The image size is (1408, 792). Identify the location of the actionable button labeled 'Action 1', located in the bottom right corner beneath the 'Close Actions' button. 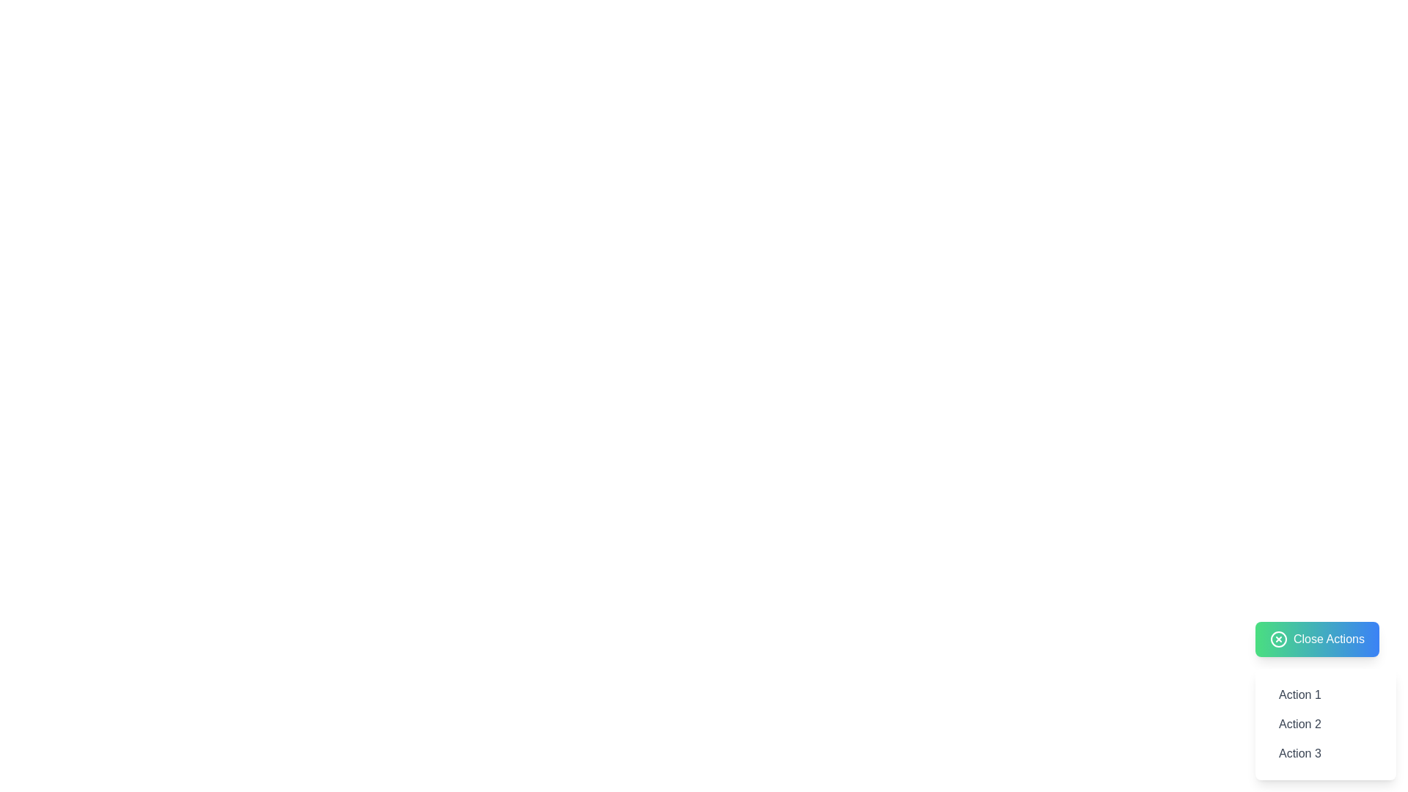
(1326, 700).